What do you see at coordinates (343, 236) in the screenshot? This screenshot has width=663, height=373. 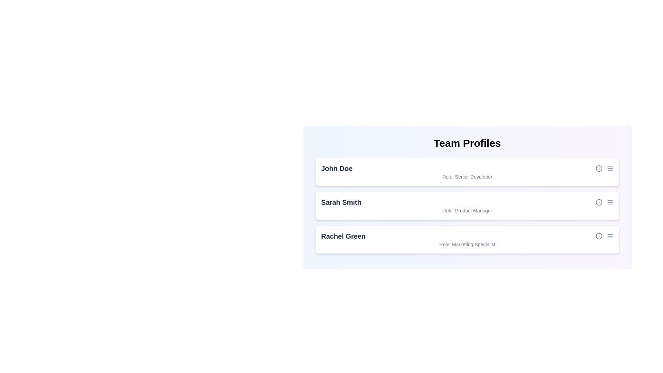 I see `text label identifying the team member 'Rachel Green' located in the 'Team Profiles' section, specifically the third profile title aligned to the left` at bounding box center [343, 236].